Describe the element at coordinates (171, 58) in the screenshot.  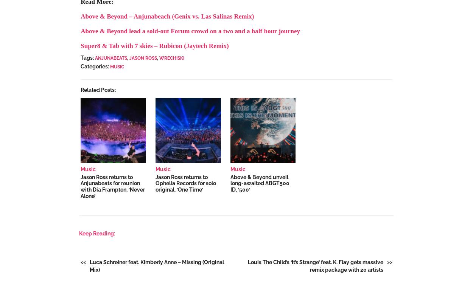
I see `'Wrechiski'` at that location.